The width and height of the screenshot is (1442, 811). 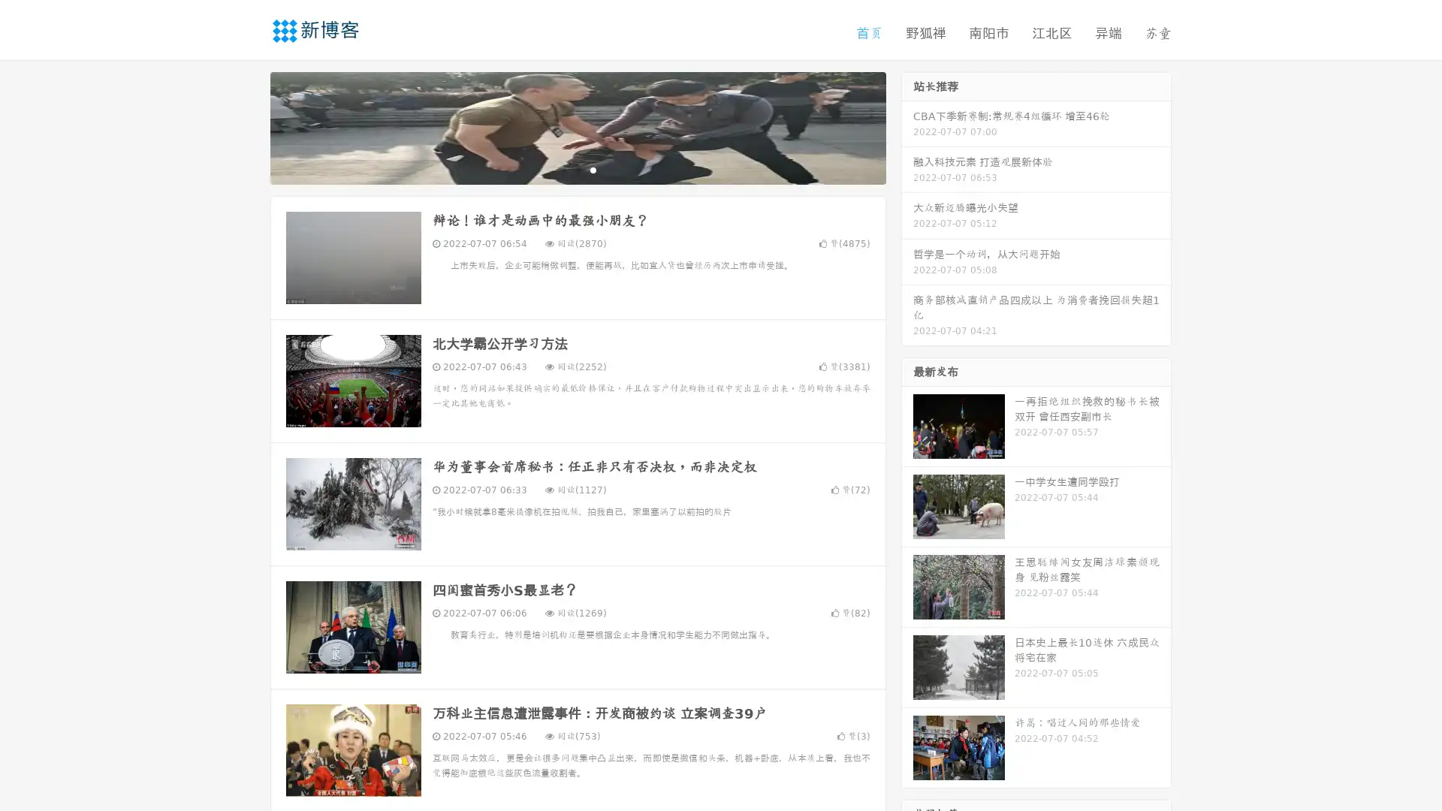 I want to click on Previous slide, so click(x=248, y=126).